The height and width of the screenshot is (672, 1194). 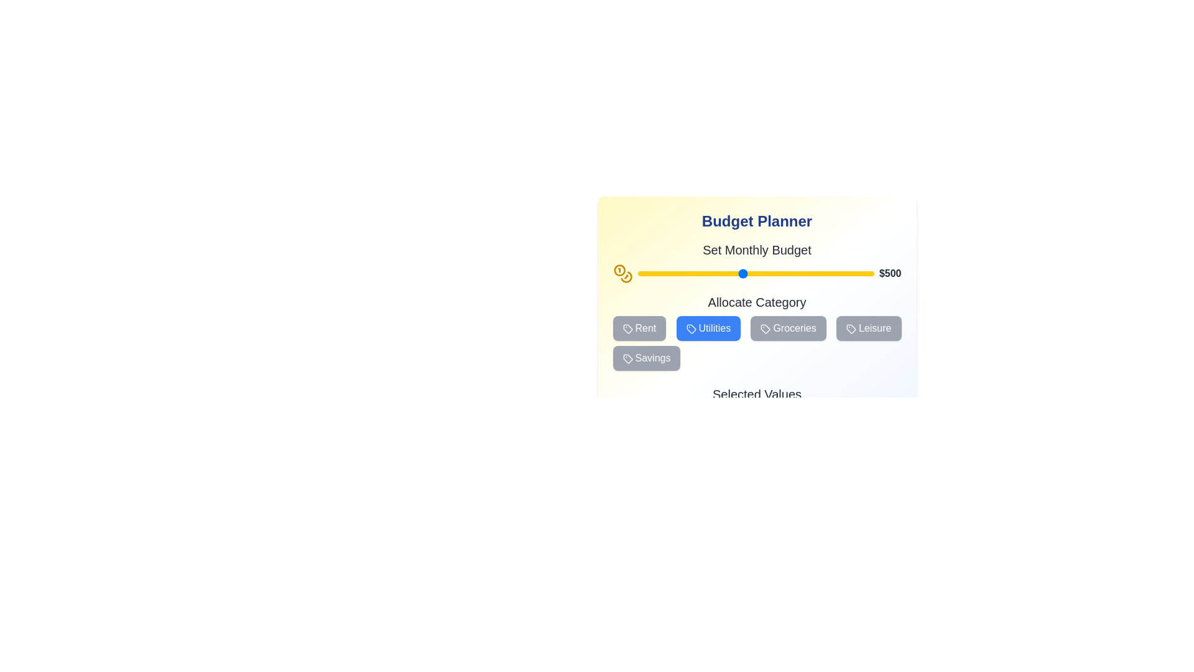 I want to click on the monthly budget, so click(x=858, y=273).